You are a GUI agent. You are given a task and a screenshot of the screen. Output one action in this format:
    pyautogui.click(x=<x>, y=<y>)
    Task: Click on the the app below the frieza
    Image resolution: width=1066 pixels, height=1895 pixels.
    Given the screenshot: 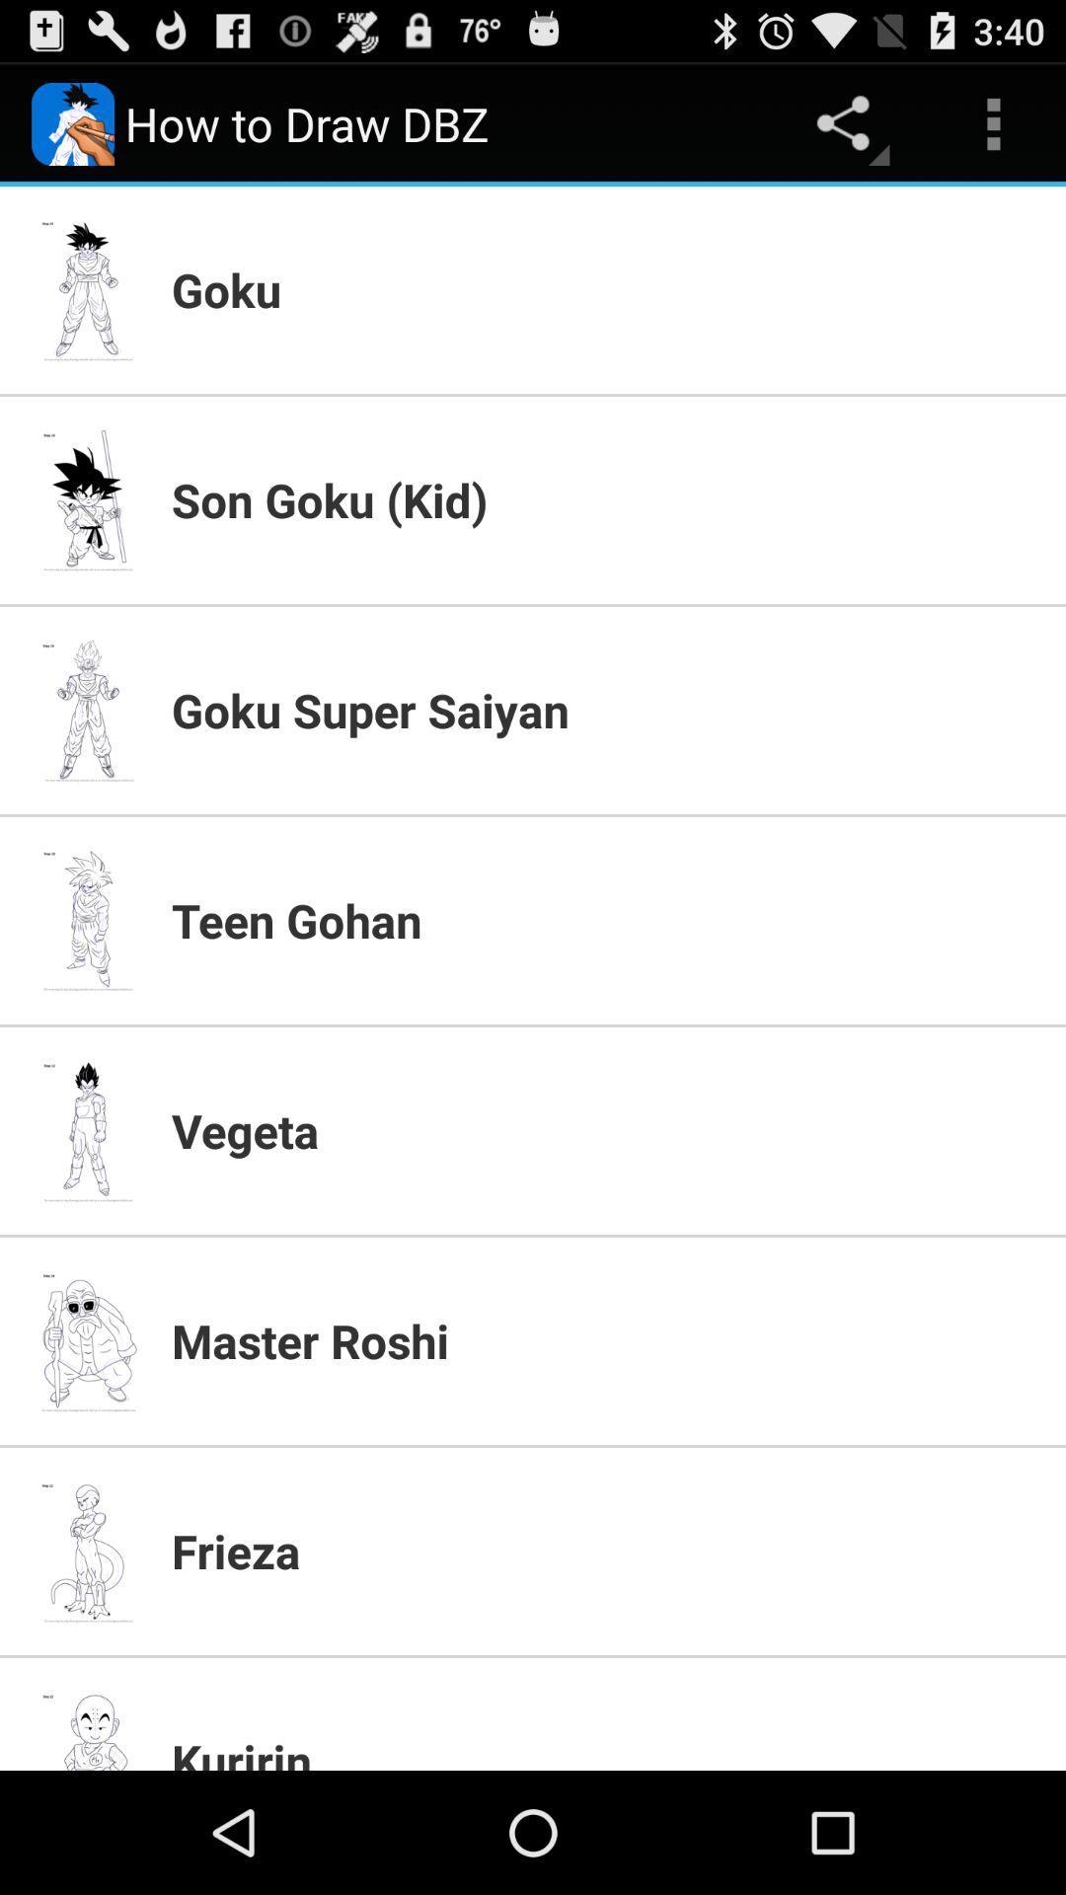 What is the action you would take?
    pyautogui.click(x=605, y=1750)
    